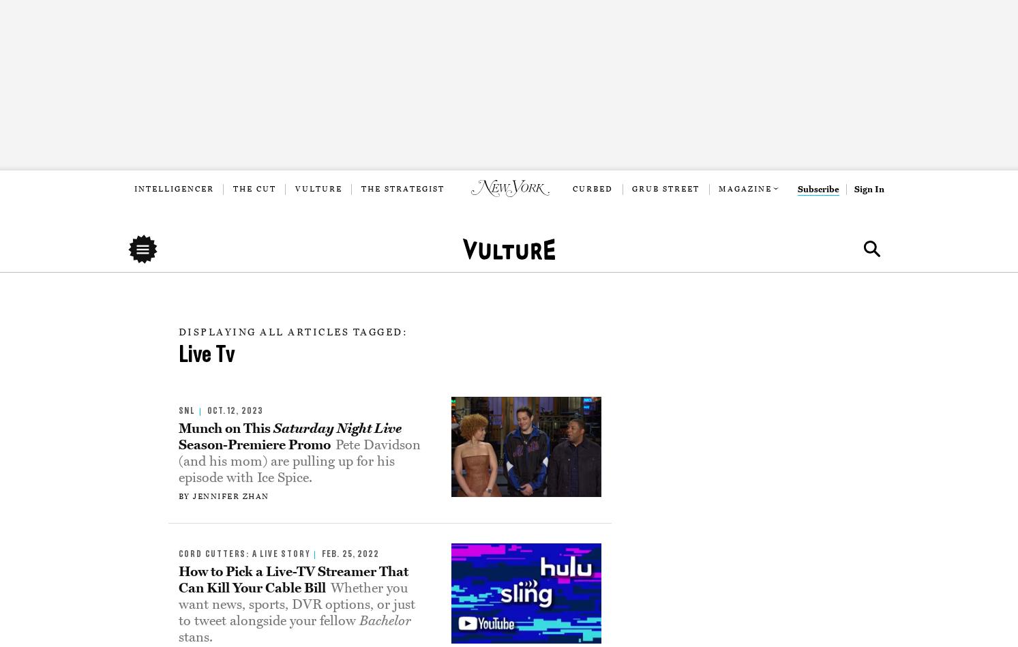  I want to click on 'Sign In', so click(854, 188).